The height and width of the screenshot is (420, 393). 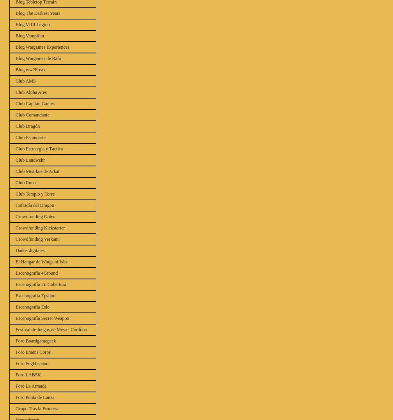 What do you see at coordinates (41, 262) in the screenshot?
I see `'El Hangar de Wings of War'` at bounding box center [41, 262].